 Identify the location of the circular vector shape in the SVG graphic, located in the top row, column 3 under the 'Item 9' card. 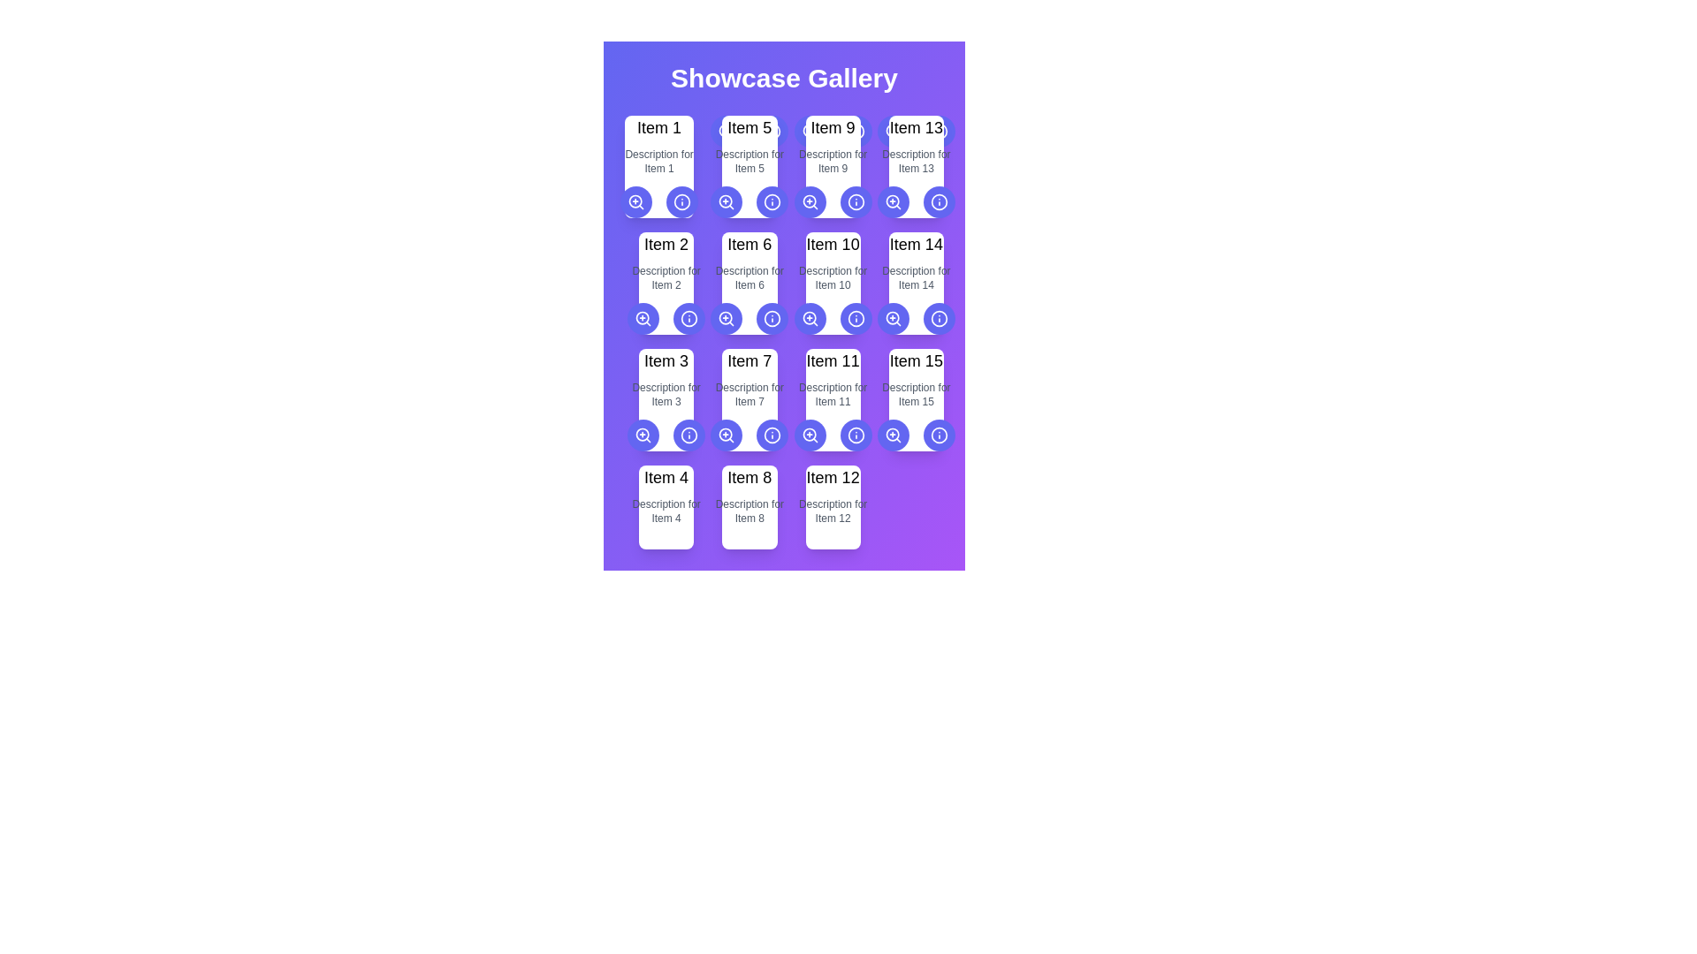
(856, 131).